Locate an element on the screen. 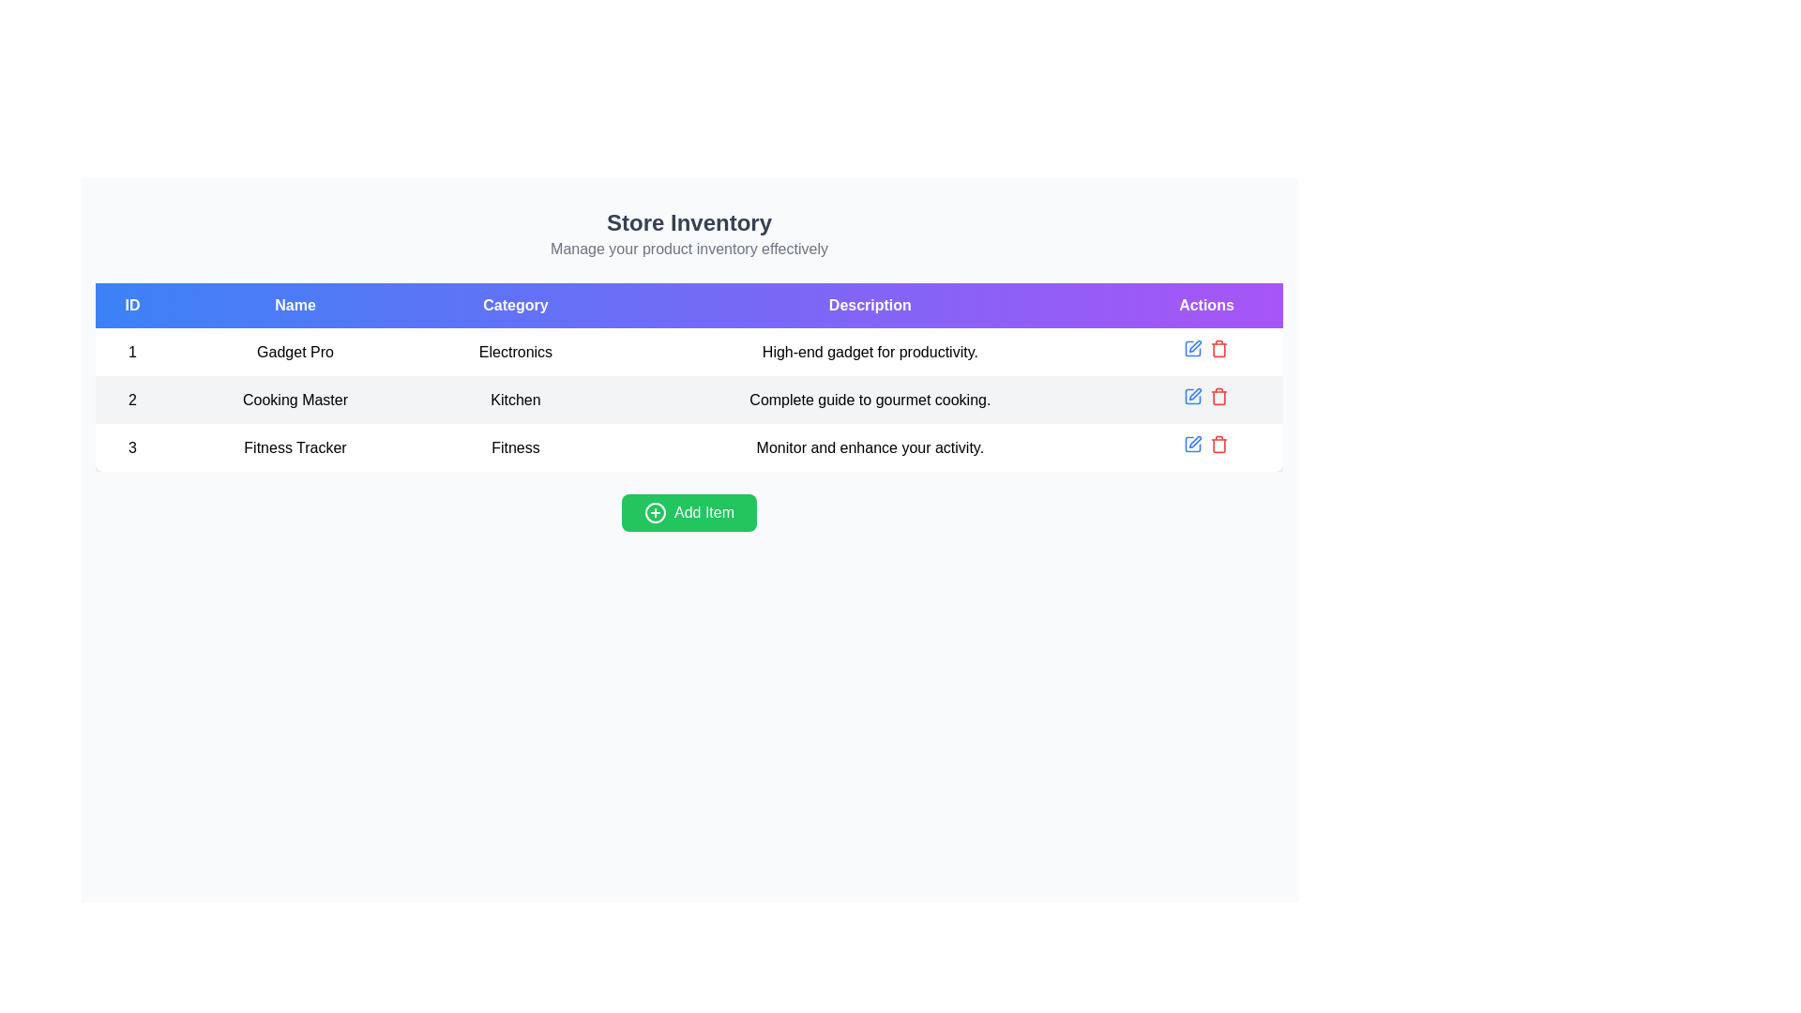 Image resolution: width=1801 pixels, height=1013 pixels. the first row of the inventory table, which contains information about the product 'Gadget Pro' is located at coordinates (688, 352).